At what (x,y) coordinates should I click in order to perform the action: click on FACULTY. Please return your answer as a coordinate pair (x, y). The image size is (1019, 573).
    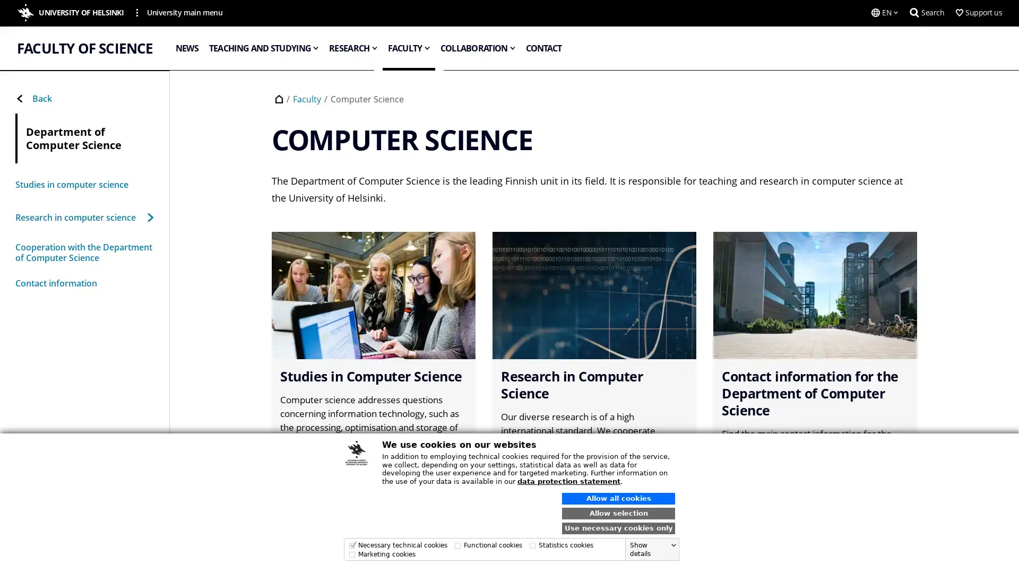
    Looking at the image, I should click on (408, 48).